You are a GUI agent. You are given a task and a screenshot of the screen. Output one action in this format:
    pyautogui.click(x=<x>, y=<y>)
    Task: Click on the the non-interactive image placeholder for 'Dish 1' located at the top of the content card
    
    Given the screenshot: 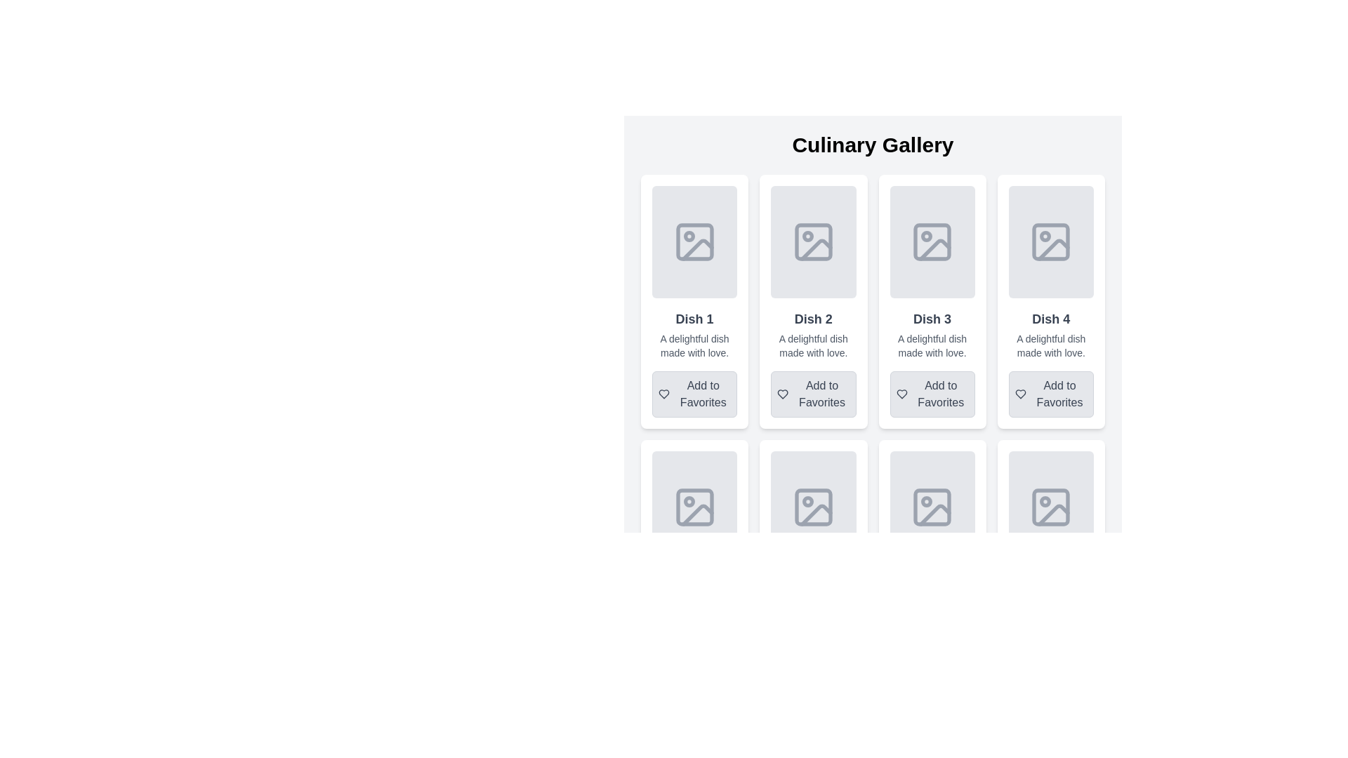 What is the action you would take?
    pyautogui.click(x=694, y=241)
    